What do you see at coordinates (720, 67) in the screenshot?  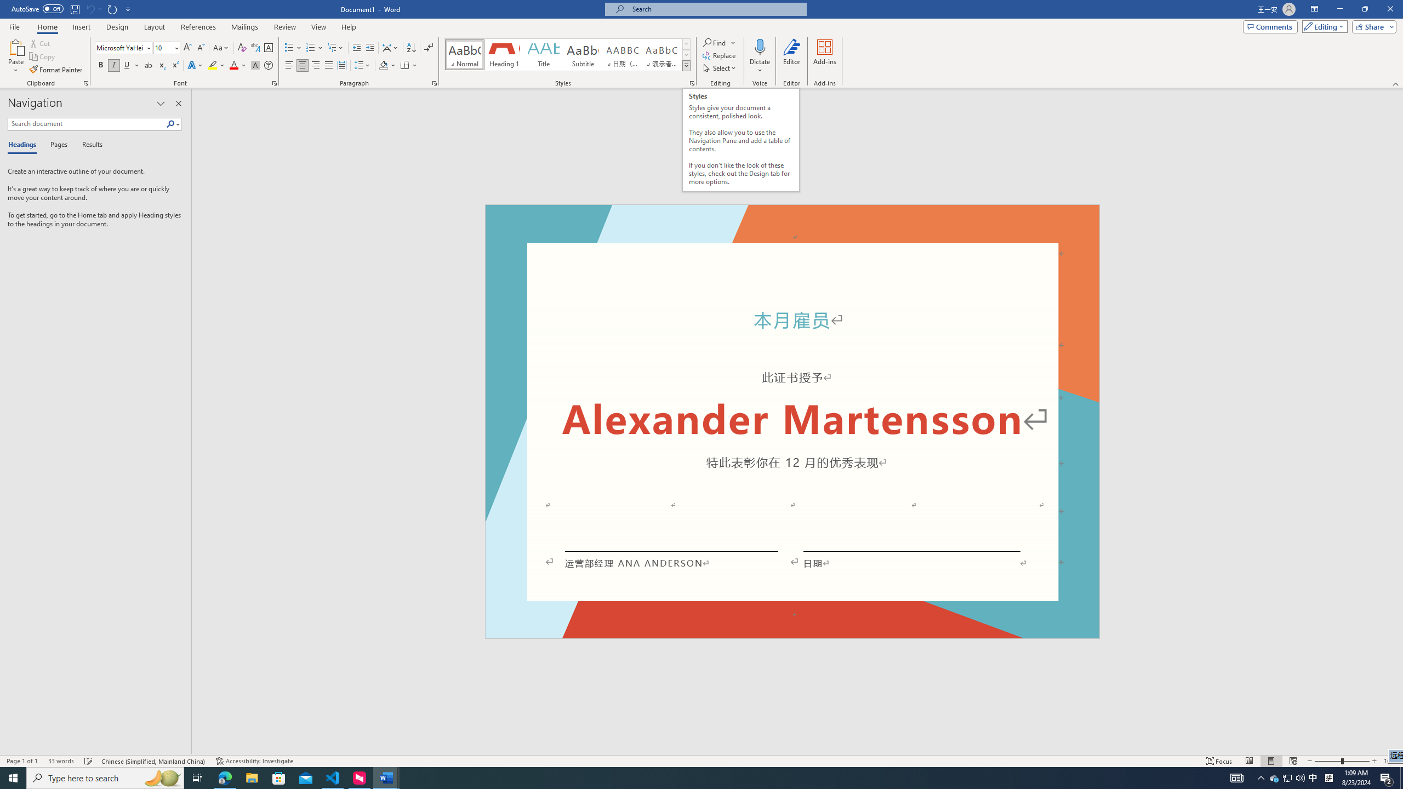 I see `'Select'` at bounding box center [720, 67].